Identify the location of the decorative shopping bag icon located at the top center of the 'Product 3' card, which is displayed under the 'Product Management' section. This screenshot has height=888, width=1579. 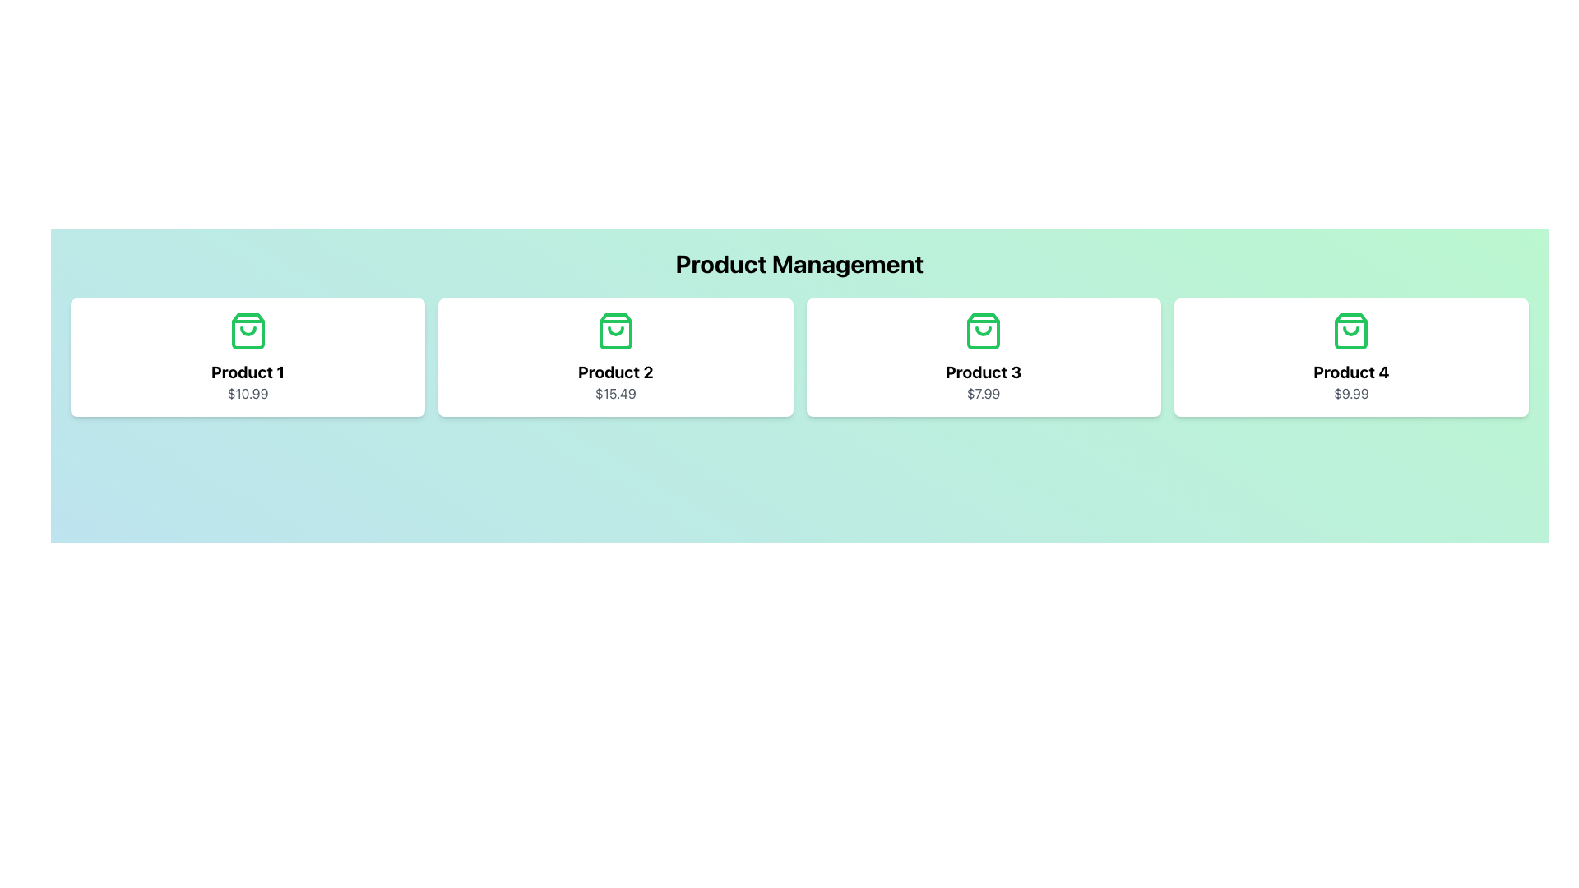
(984, 331).